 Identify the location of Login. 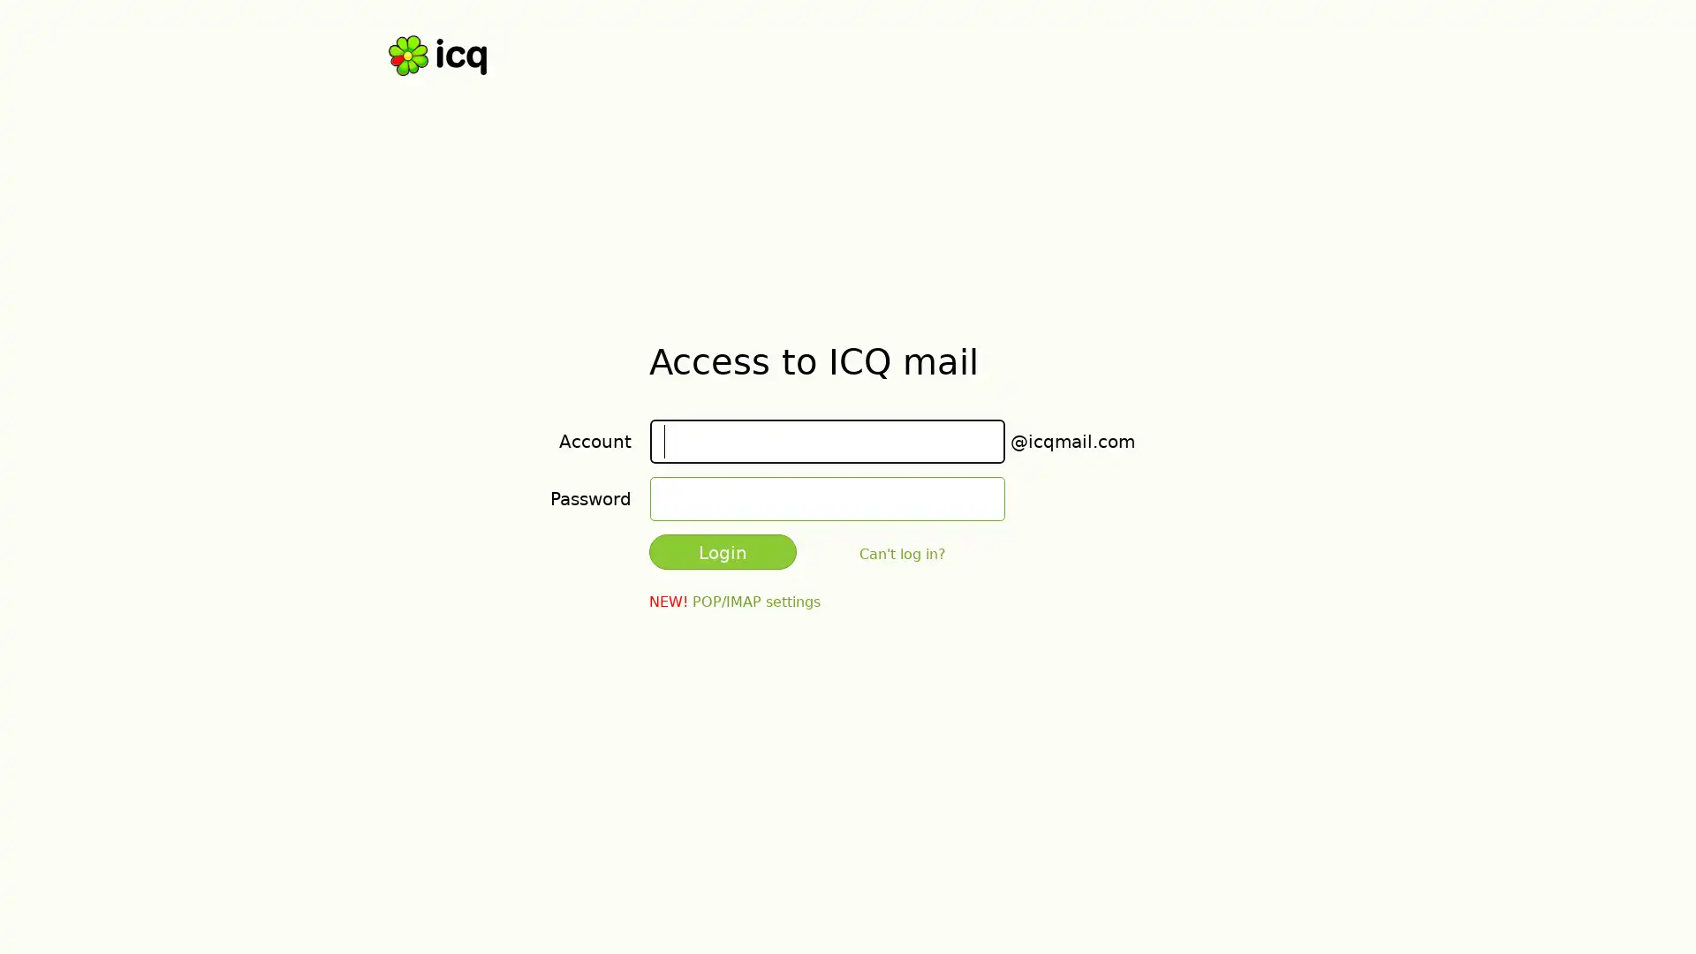
(723, 550).